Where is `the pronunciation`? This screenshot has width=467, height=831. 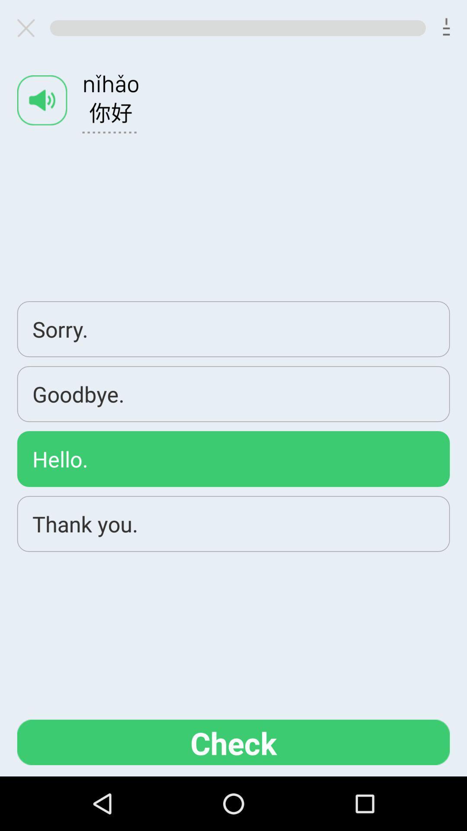 the pronunciation is located at coordinates (42, 100).